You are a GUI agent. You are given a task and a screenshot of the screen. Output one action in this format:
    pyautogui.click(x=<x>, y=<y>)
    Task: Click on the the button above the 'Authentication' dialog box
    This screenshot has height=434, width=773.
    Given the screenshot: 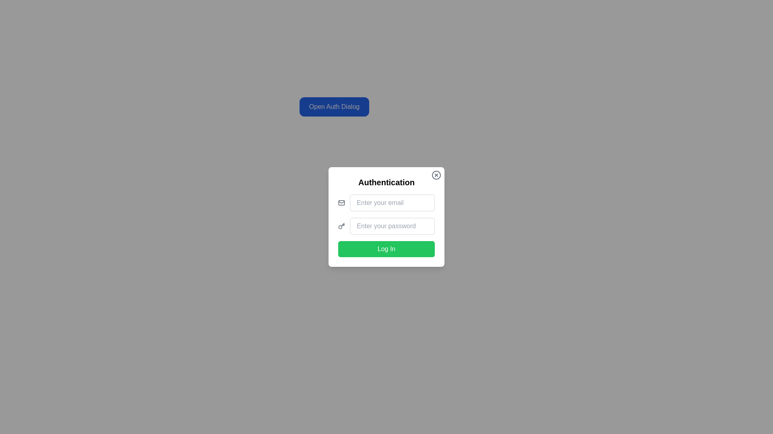 What is the action you would take?
    pyautogui.click(x=334, y=106)
    